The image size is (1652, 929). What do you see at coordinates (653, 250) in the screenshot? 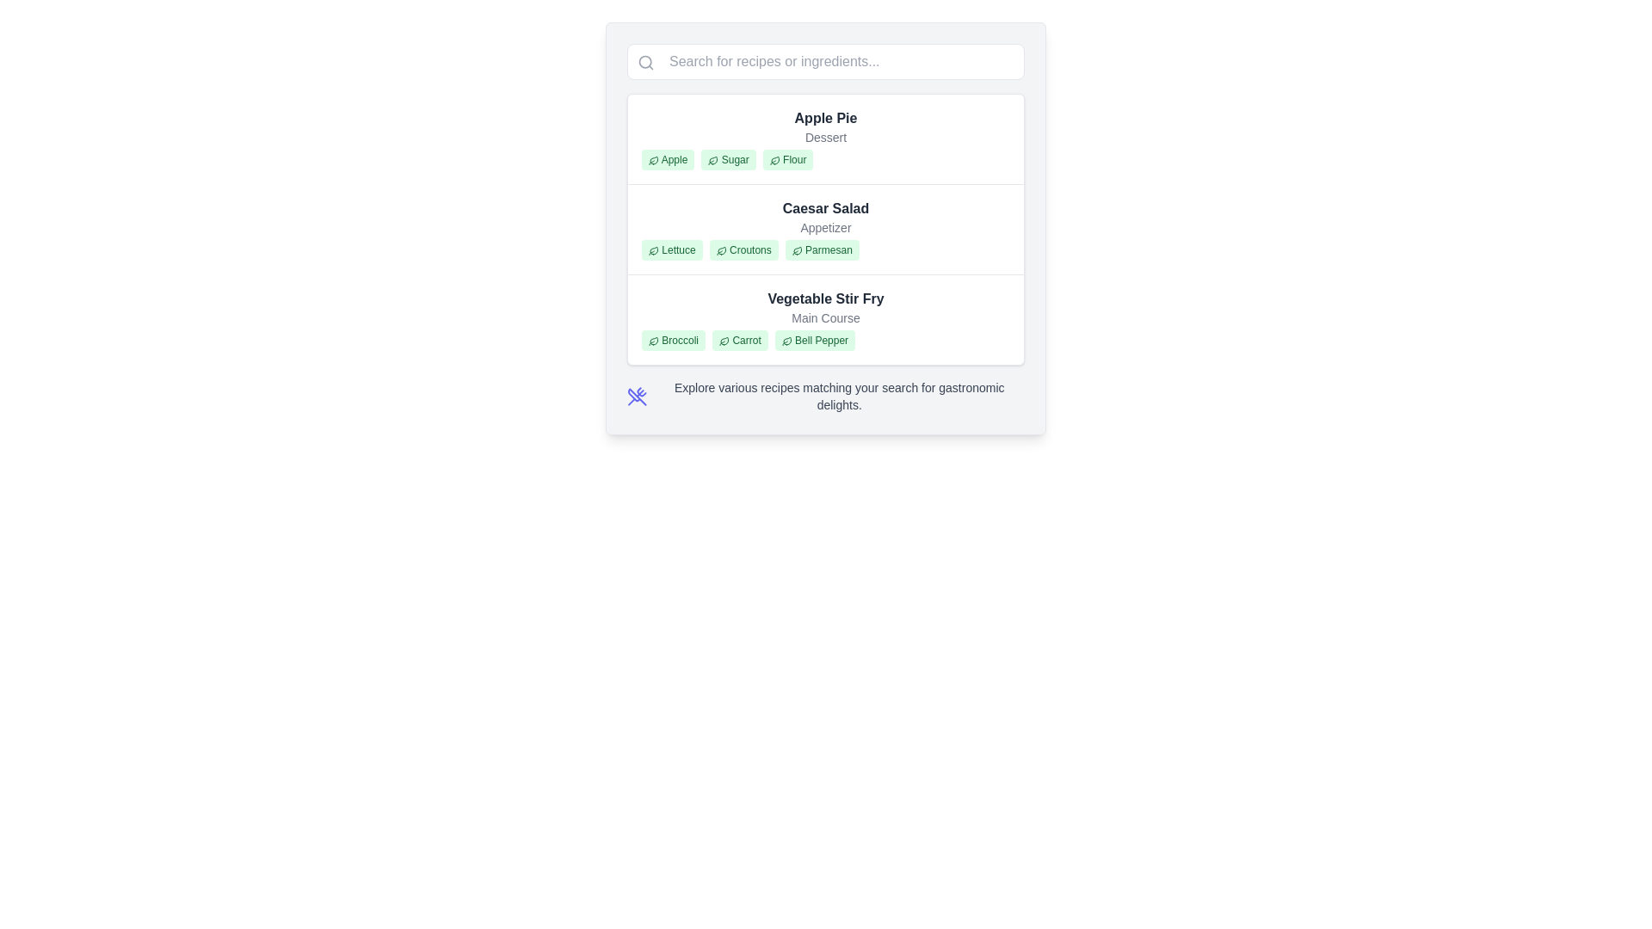
I see `the leaf icon next to the word 'Lettuce' in the 'Caesar Salad' section` at bounding box center [653, 250].